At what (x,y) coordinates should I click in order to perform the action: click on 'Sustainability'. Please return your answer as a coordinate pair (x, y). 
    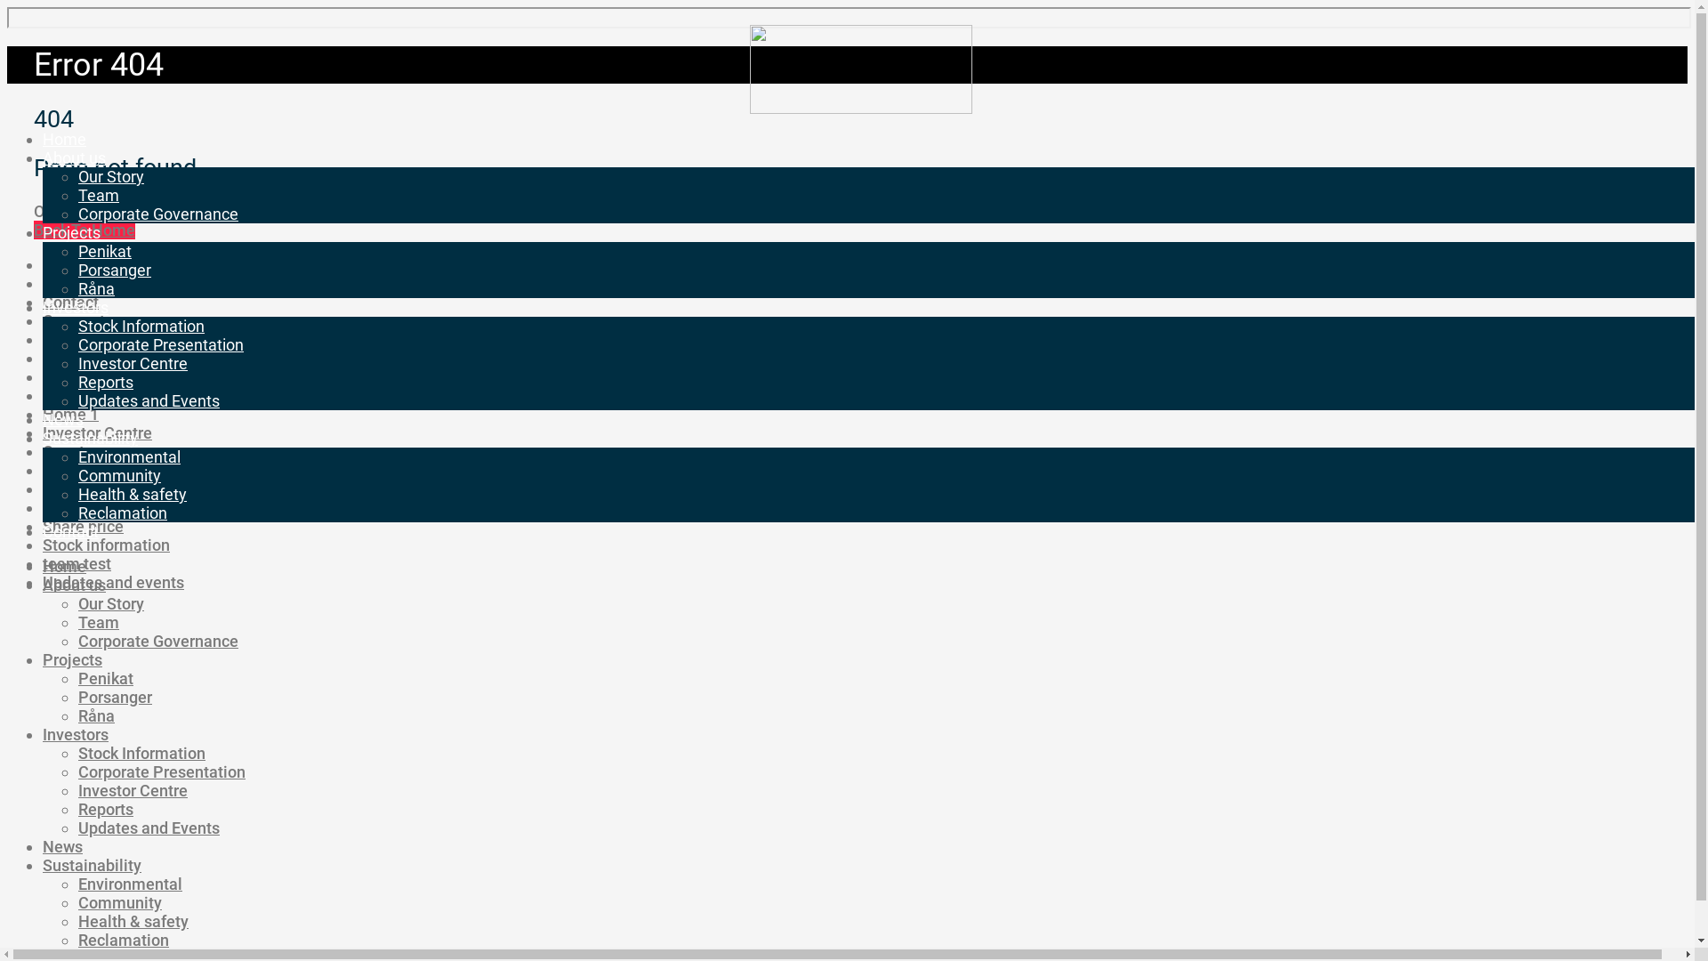
    Looking at the image, I should click on (91, 864).